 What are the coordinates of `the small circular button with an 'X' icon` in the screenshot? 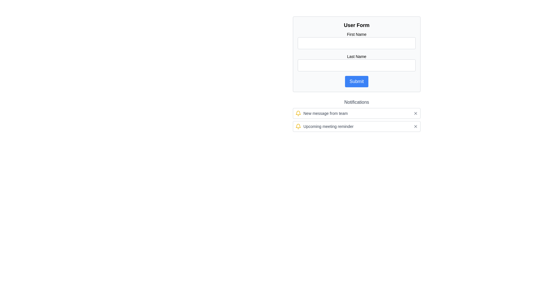 It's located at (416, 113).